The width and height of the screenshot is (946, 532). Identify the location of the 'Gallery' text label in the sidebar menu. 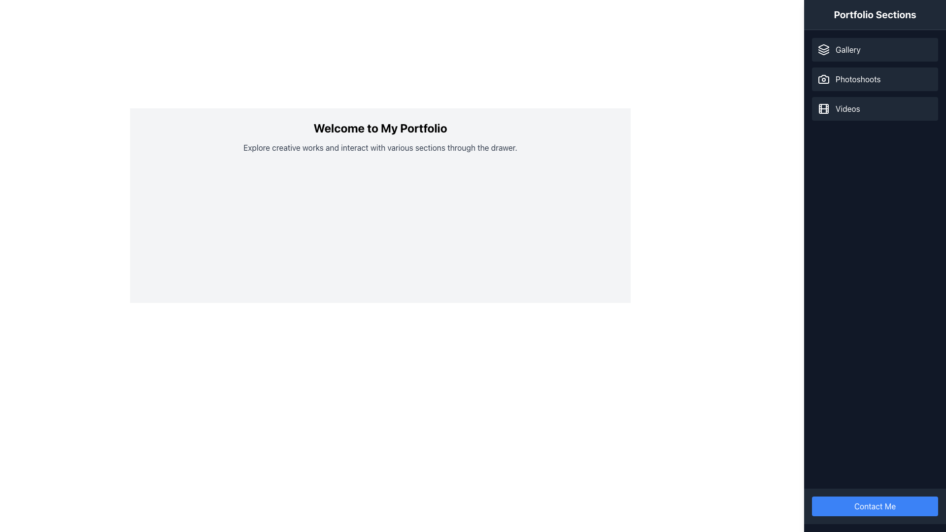
(847, 49).